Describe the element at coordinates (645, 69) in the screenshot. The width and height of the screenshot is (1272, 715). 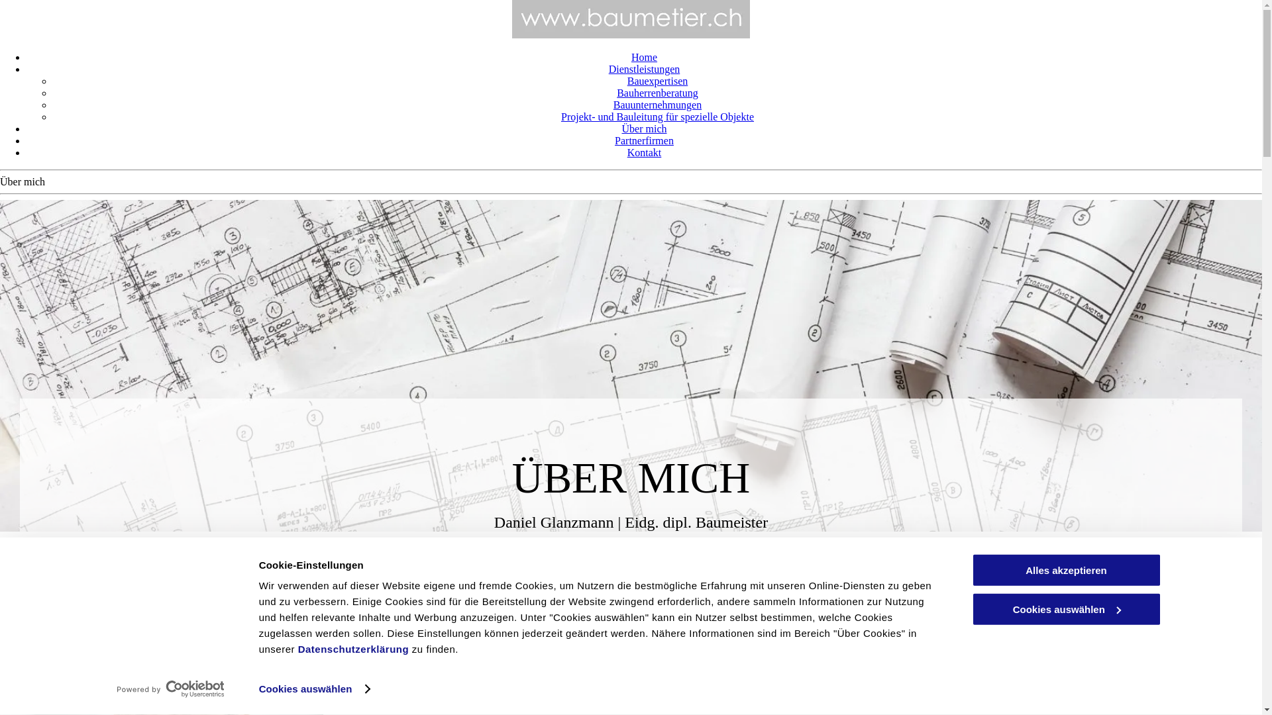
I see `'Dienstleistungen'` at that location.